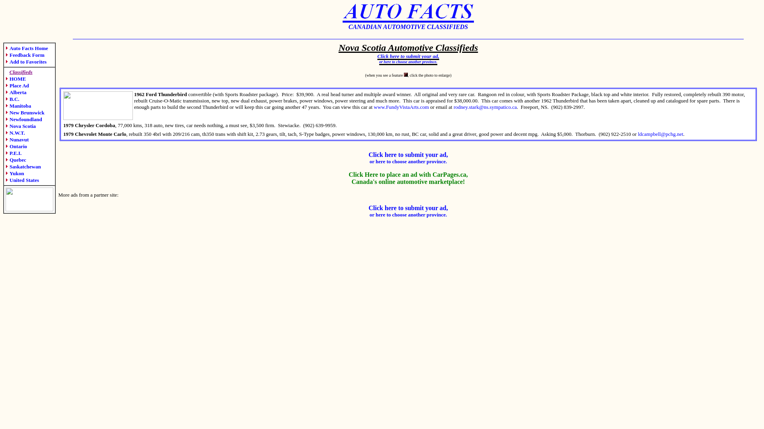 This screenshot has width=764, height=429. I want to click on 'Click here to submit your ad,', so click(408, 54).